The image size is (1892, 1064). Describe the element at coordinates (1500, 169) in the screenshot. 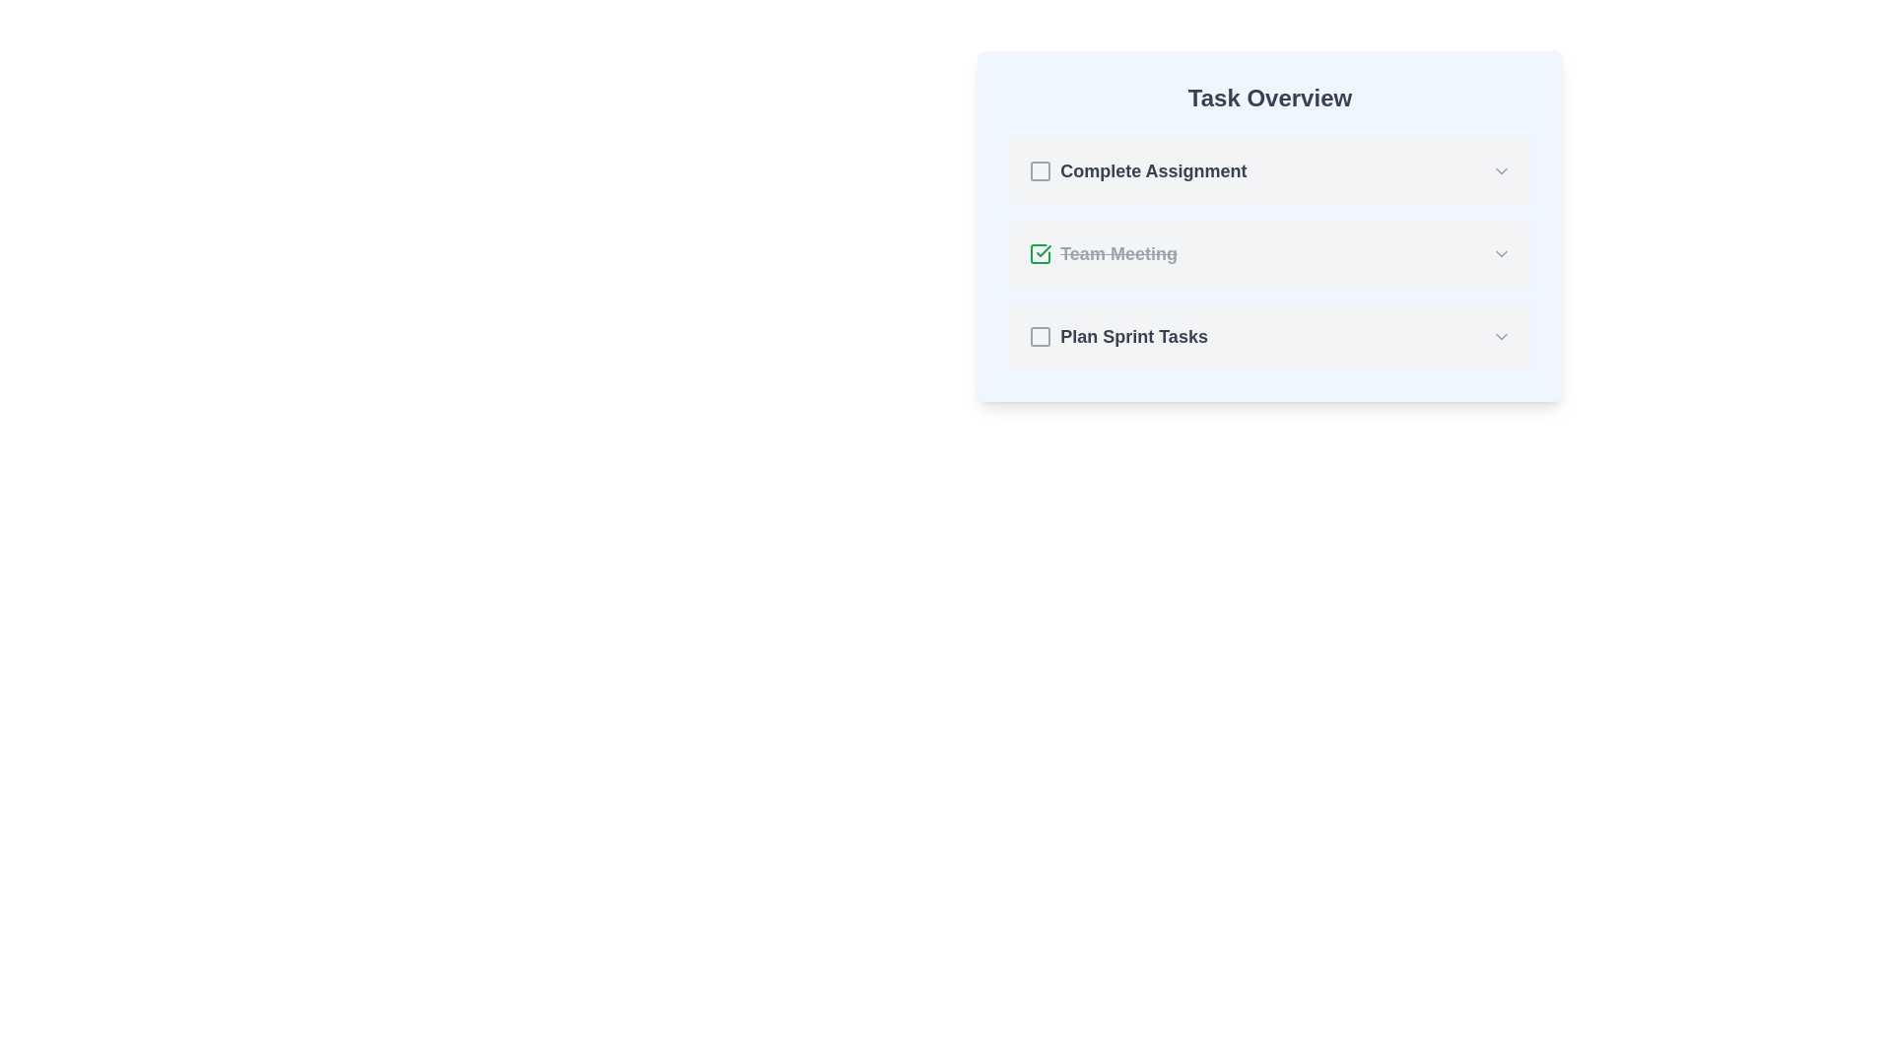

I see `the downward-pointing chevron icon in the top-right corner of the 'Complete Assignment' row within the 'Task Overview' section for visual feedback` at that location.